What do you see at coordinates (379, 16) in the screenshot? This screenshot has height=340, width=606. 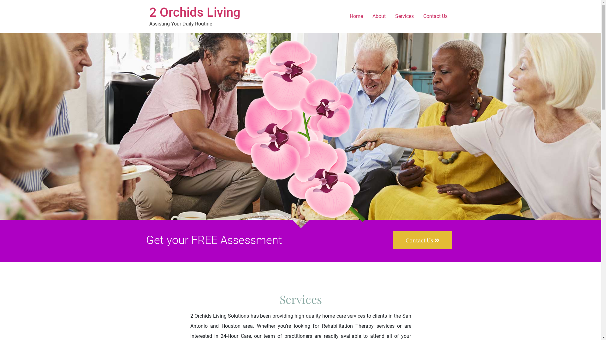 I see `'About'` at bounding box center [379, 16].